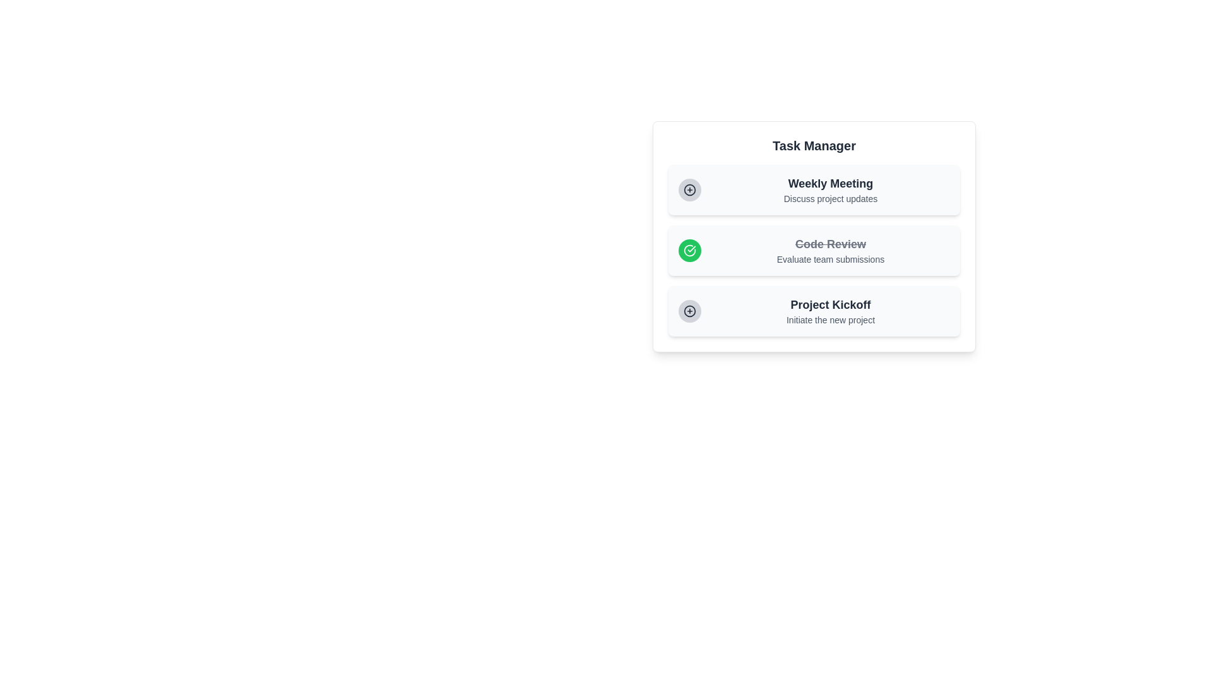  Describe the element at coordinates (814, 189) in the screenshot. I see `the 'Weekly Meeting' task item card, which is the first card in a vertical list under the 'Task Manager' heading` at that location.